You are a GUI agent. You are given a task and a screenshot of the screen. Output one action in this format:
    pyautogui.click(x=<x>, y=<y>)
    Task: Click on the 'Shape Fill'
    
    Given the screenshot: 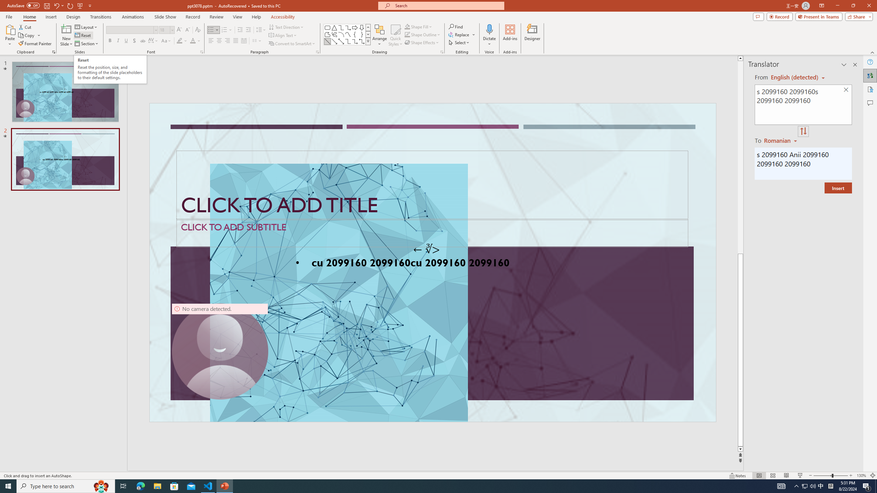 What is the action you would take?
    pyautogui.click(x=419, y=26)
    